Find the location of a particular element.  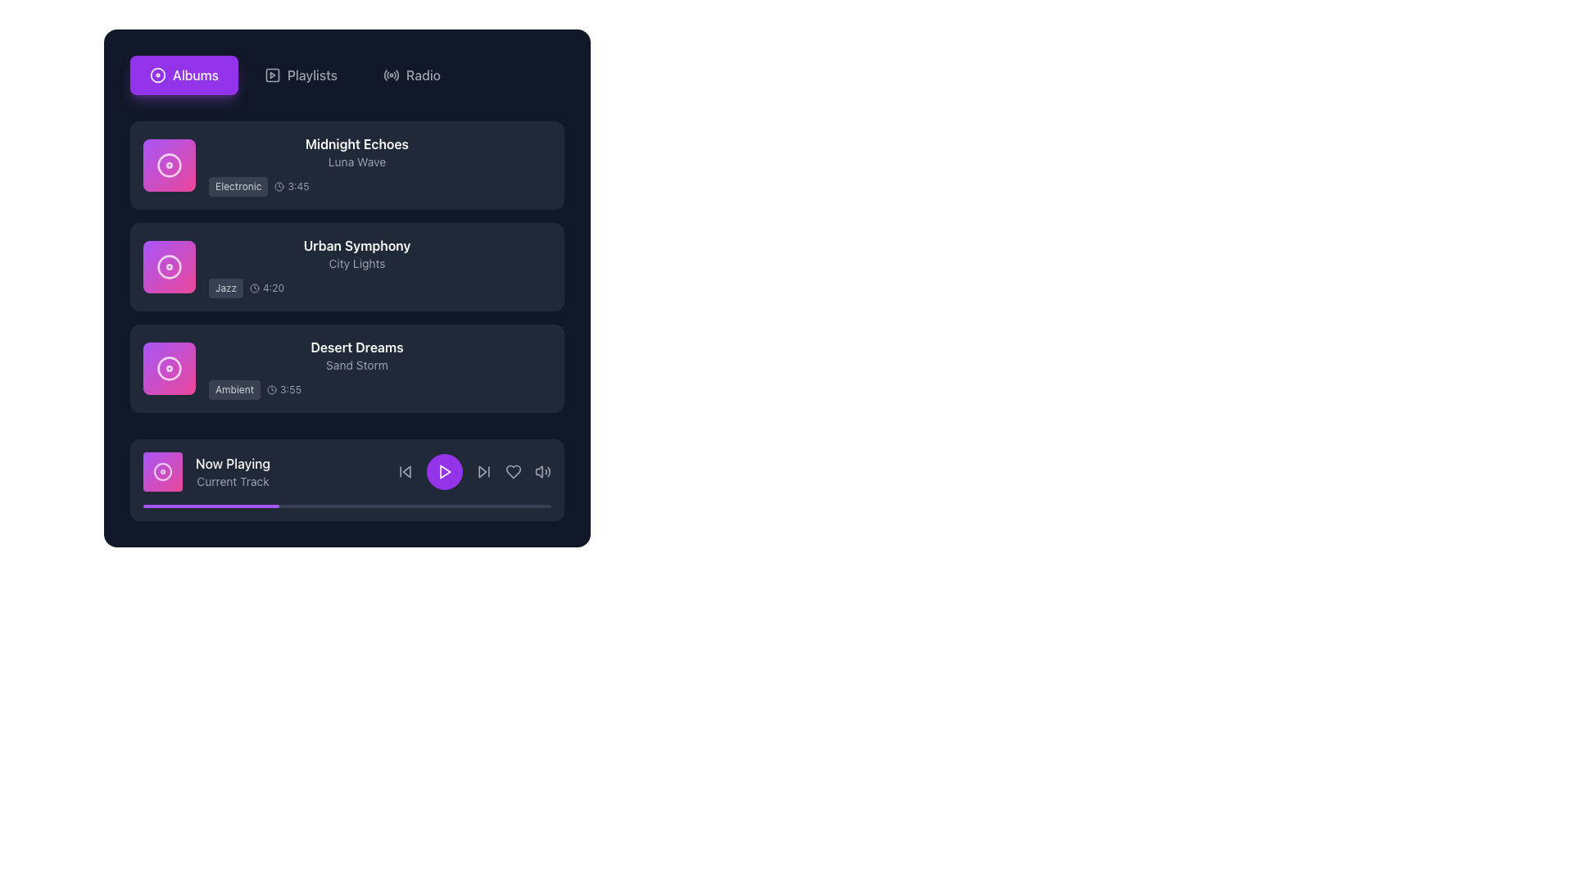

the 'Urban Symphony' information display panel, which features bold white text and is positioned between 'Midnight Echoes' and 'Desert Dreams' is located at coordinates (356, 266).